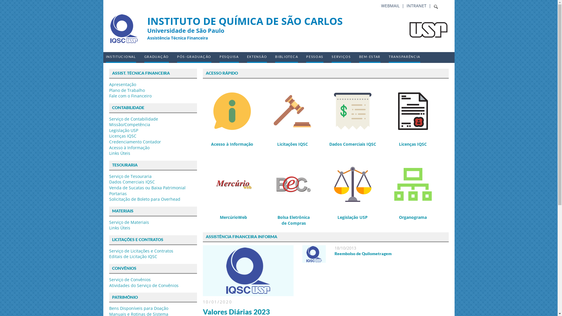  What do you see at coordinates (275, 57) in the screenshot?
I see `'BIBLIOTECA'` at bounding box center [275, 57].